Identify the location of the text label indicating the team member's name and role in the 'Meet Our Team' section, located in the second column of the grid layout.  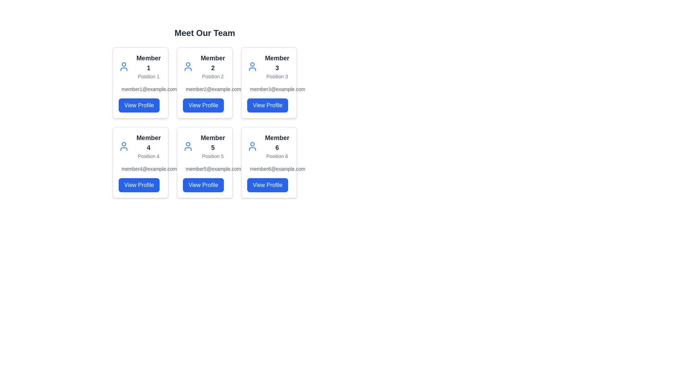
(212, 67).